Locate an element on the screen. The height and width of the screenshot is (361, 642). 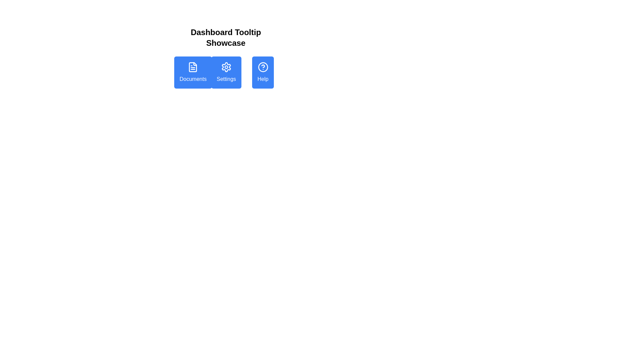
the 'Documents' icon button, which is blue and features a document design, located prominently under the 'Dashboard Tooltip Showcase.' is located at coordinates (193, 67).